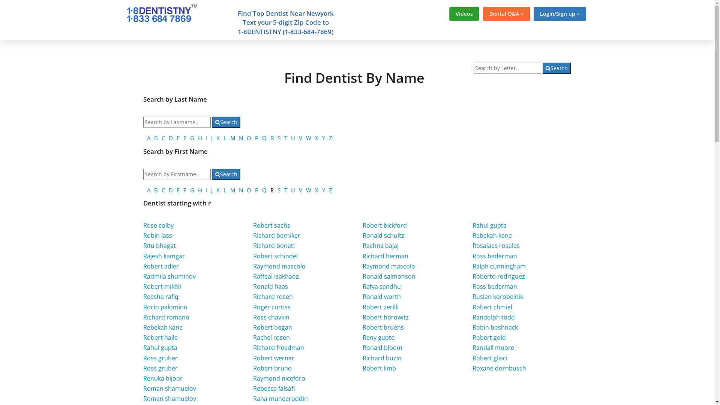 The height and width of the screenshot is (405, 720). Describe the element at coordinates (385, 317) in the screenshot. I see `'Robert horowitz'` at that location.